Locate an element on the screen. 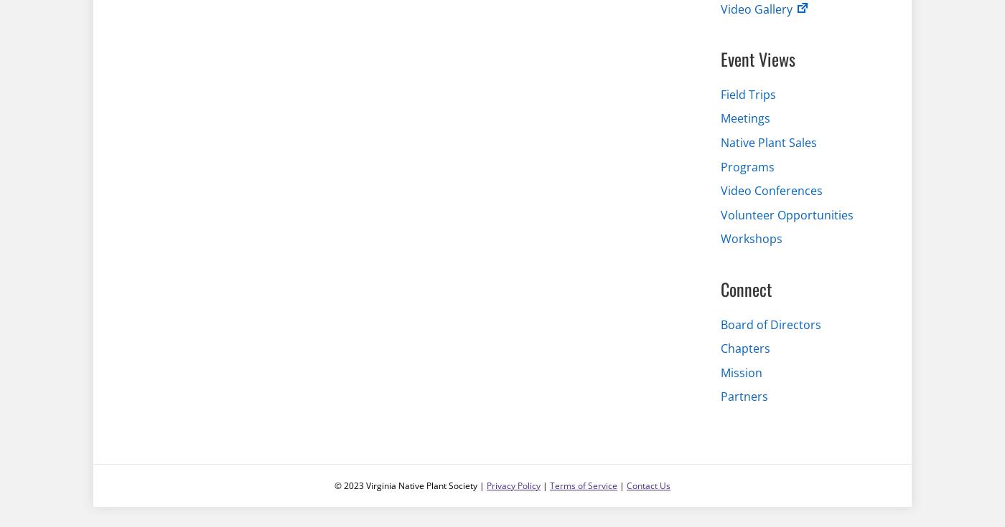 This screenshot has width=1005, height=527. 'Workshops' is located at coordinates (752, 238).